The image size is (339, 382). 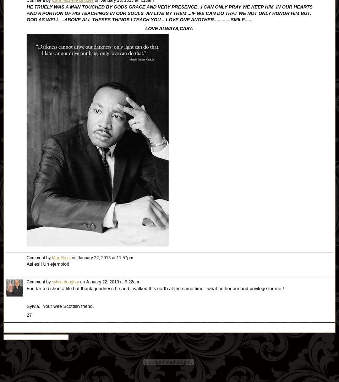 What do you see at coordinates (71, 258) in the screenshot?
I see `'on January 22, 2013 at 11:57pm'` at bounding box center [71, 258].